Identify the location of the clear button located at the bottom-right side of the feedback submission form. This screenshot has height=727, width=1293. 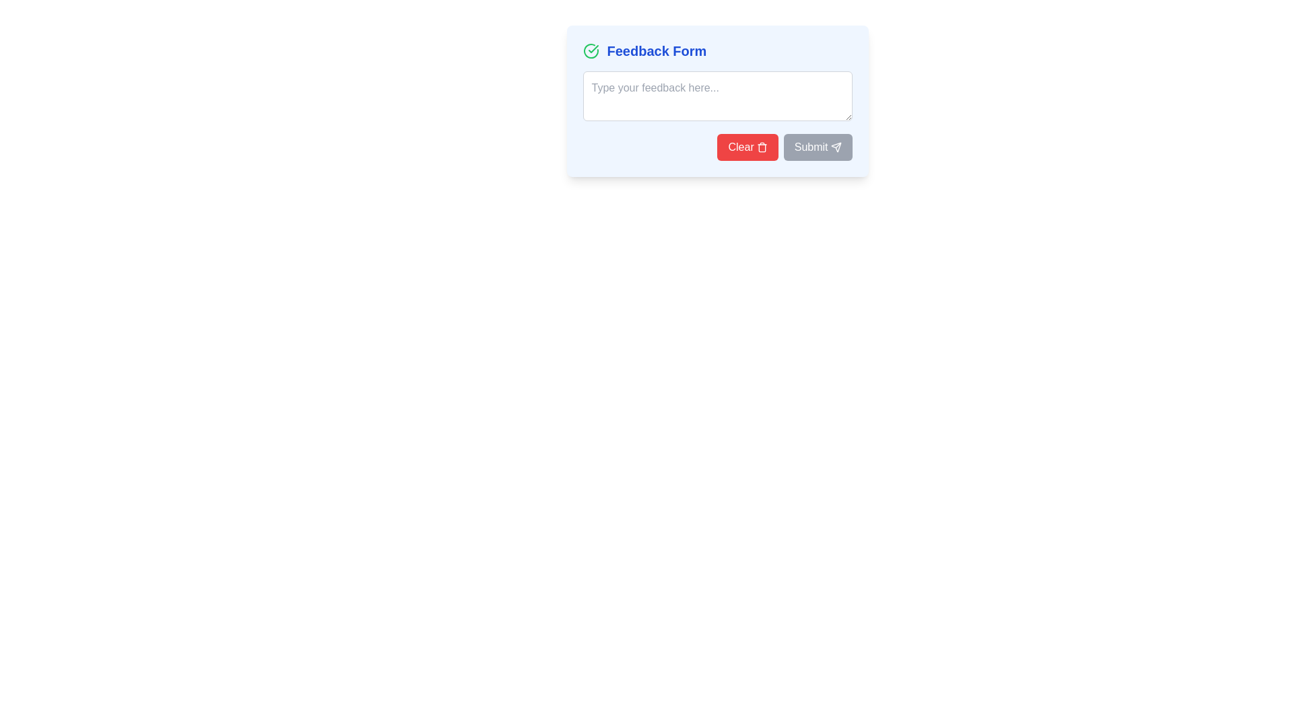
(717, 147).